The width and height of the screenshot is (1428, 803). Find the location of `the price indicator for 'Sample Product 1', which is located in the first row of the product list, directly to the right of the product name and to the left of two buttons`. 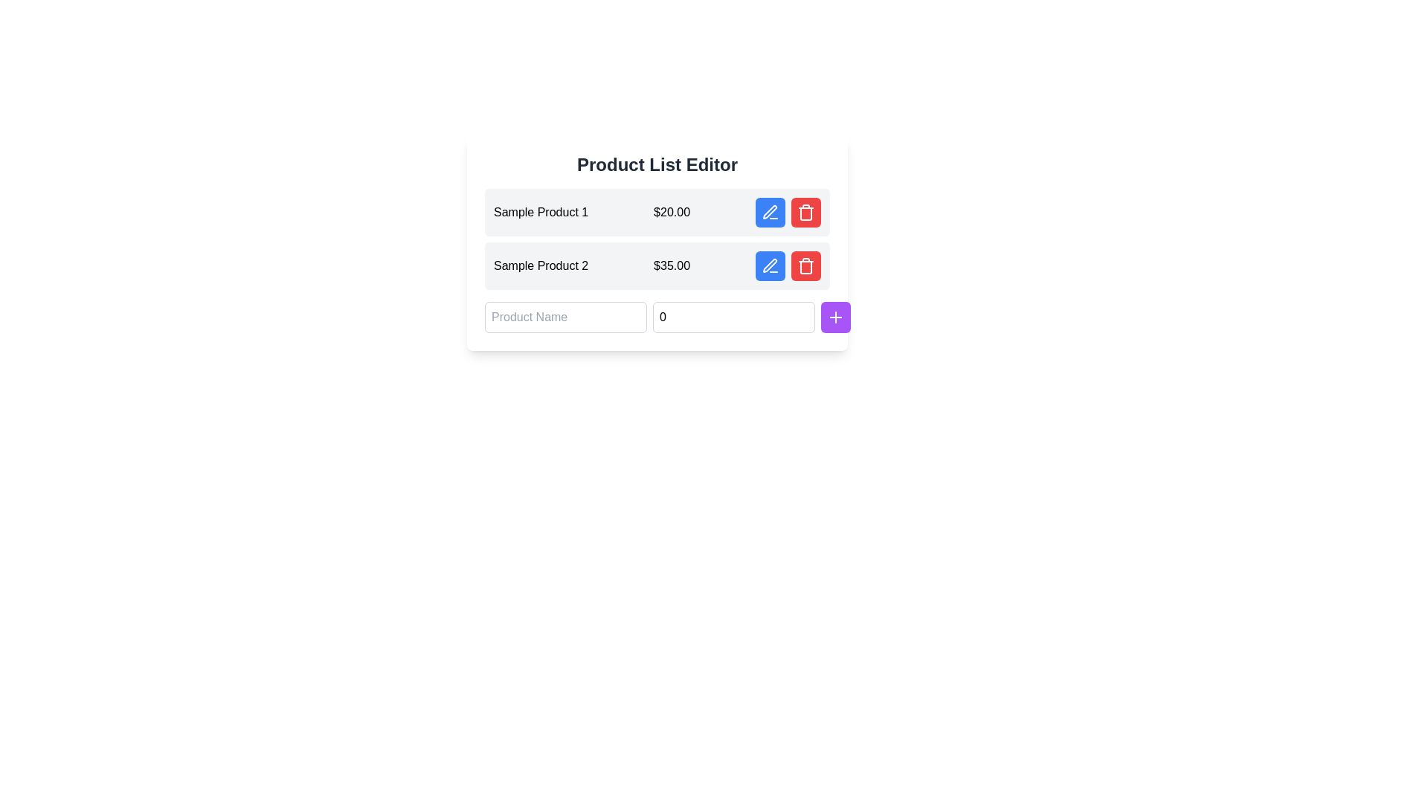

the price indicator for 'Sample Product 1', which is located in the first row of the product list, directly to the right of the product name and to the left of two buttons is located at coordinates (671, 212).